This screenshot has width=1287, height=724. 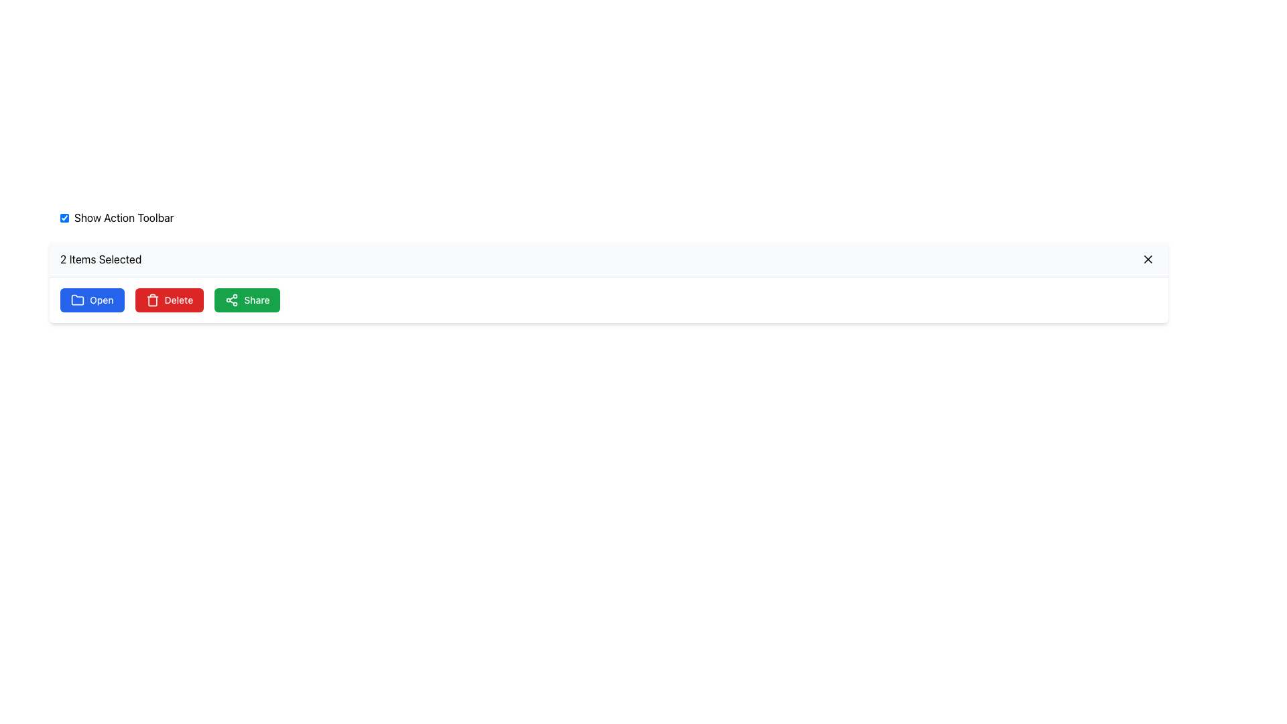 What do you see at coordinates (232, 299) in the screenshot?
I see `the share icon located inside the green 'Share' button` at bounding box center [232, 299].